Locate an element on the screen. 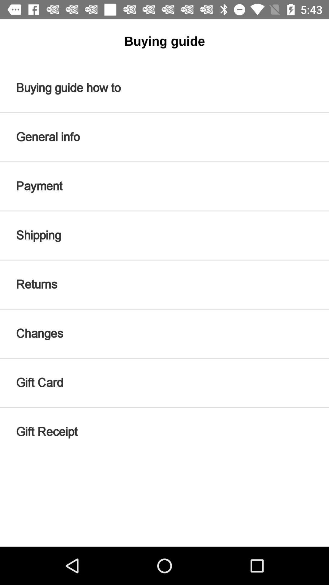  the payment icon is located at coordinates (164, 186).